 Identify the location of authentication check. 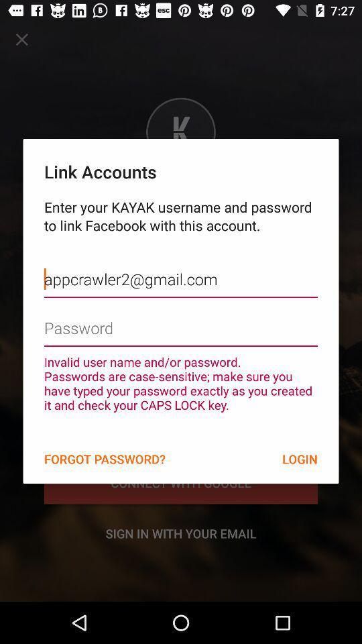
(181, 318).